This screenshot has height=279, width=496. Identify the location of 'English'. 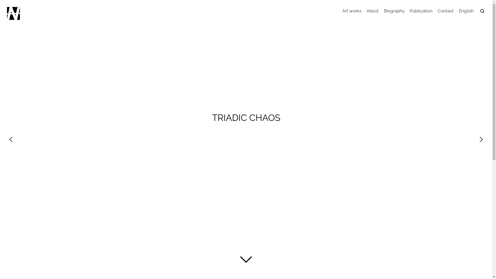
(466, 11).